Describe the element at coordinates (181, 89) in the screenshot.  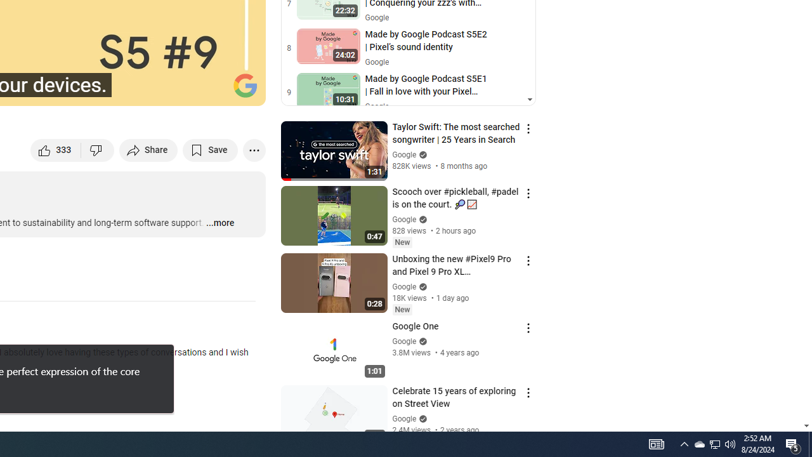
I see `'Miniplayer (i)'` at that location.